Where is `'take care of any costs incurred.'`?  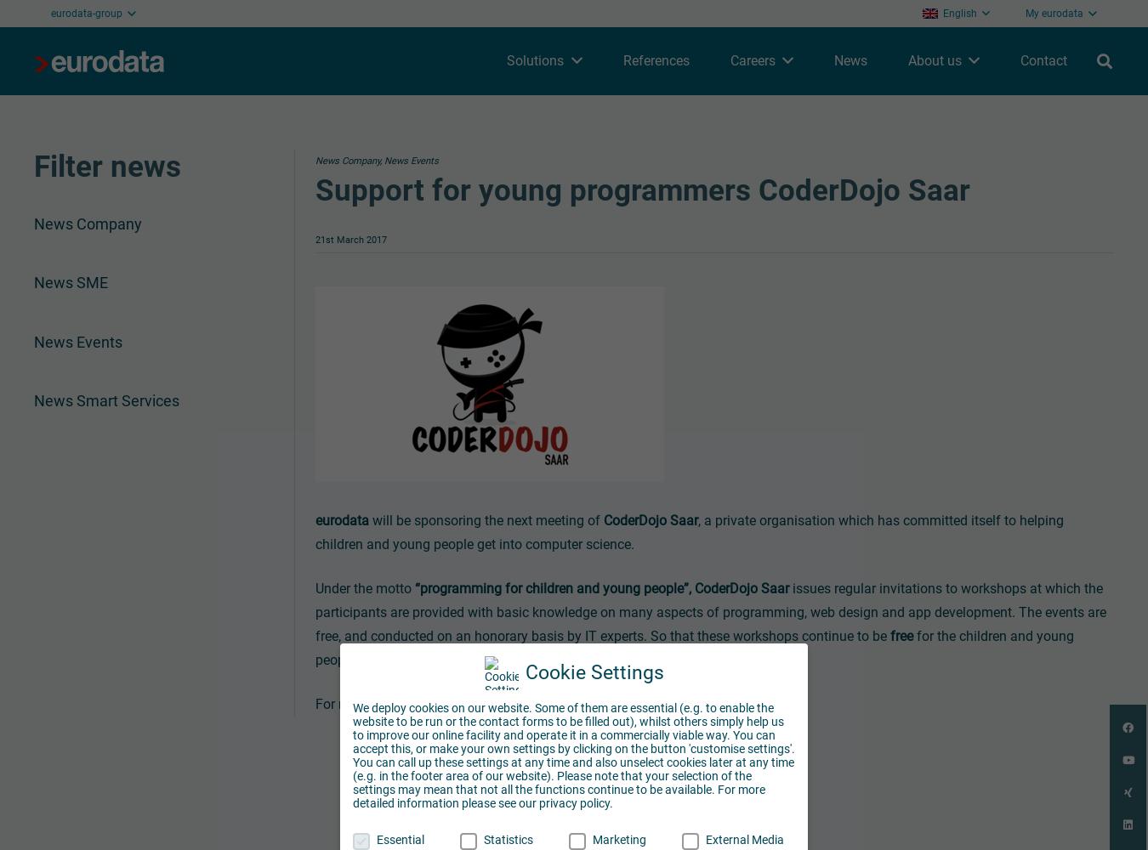 'take care of any costs incurred.' is located at coordinates (615, 660).